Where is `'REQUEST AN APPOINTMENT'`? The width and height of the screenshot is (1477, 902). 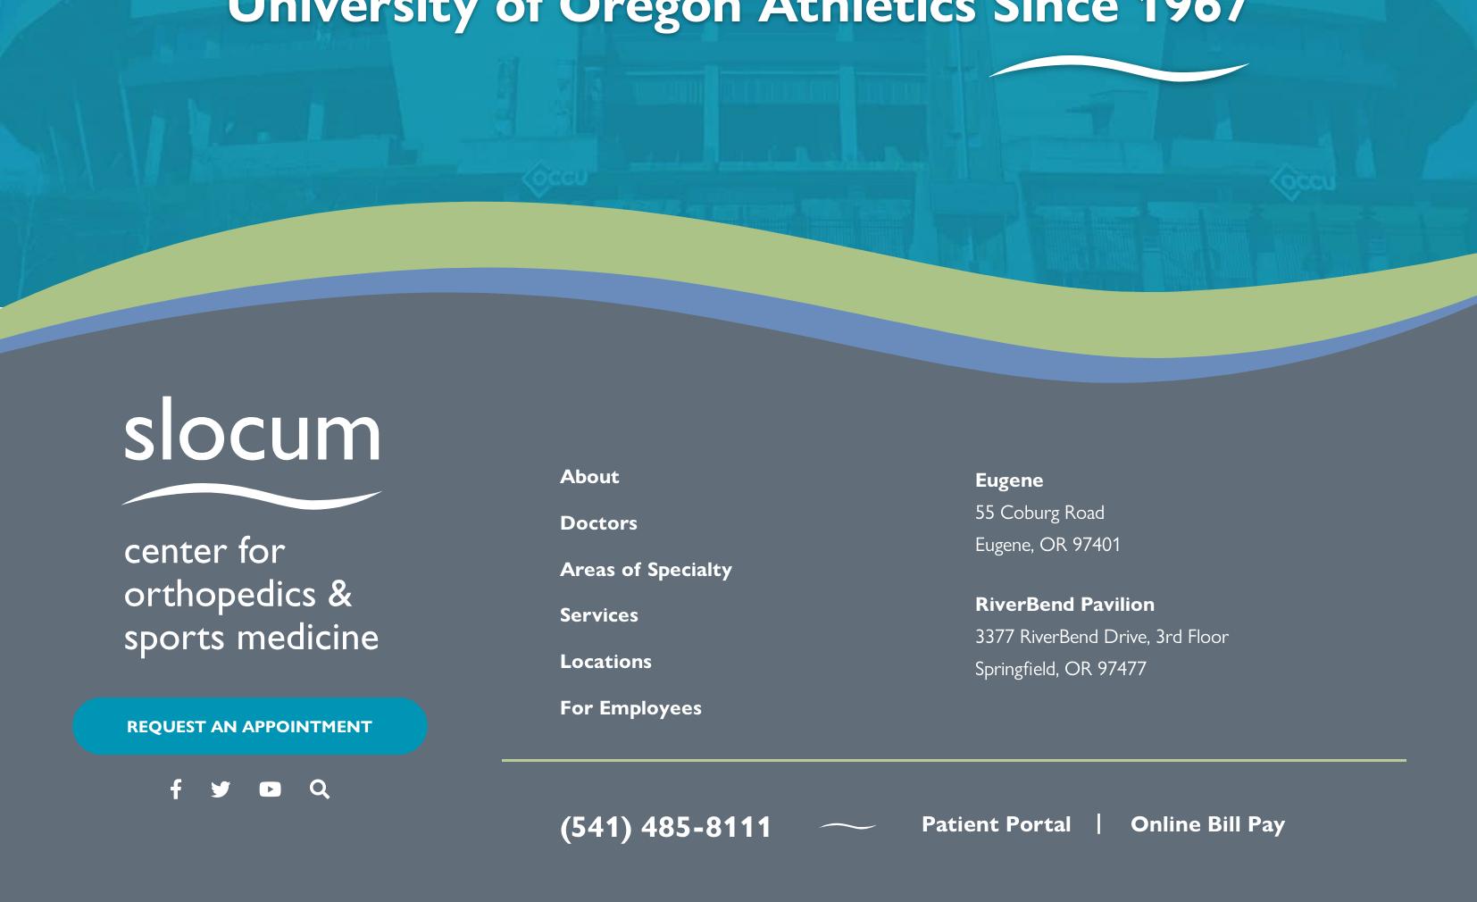 'REQUEST AN APPOINTMENT' is located at coordinates (248, 725).